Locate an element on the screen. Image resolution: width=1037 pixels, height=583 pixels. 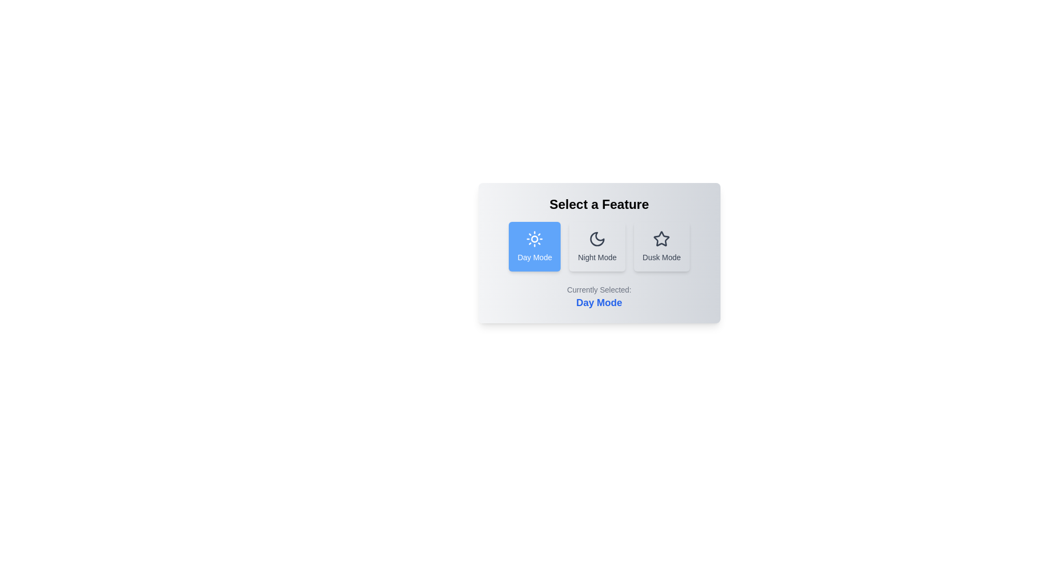
the icon of the button labeled Night Mode is located at coordinates (596, 239).